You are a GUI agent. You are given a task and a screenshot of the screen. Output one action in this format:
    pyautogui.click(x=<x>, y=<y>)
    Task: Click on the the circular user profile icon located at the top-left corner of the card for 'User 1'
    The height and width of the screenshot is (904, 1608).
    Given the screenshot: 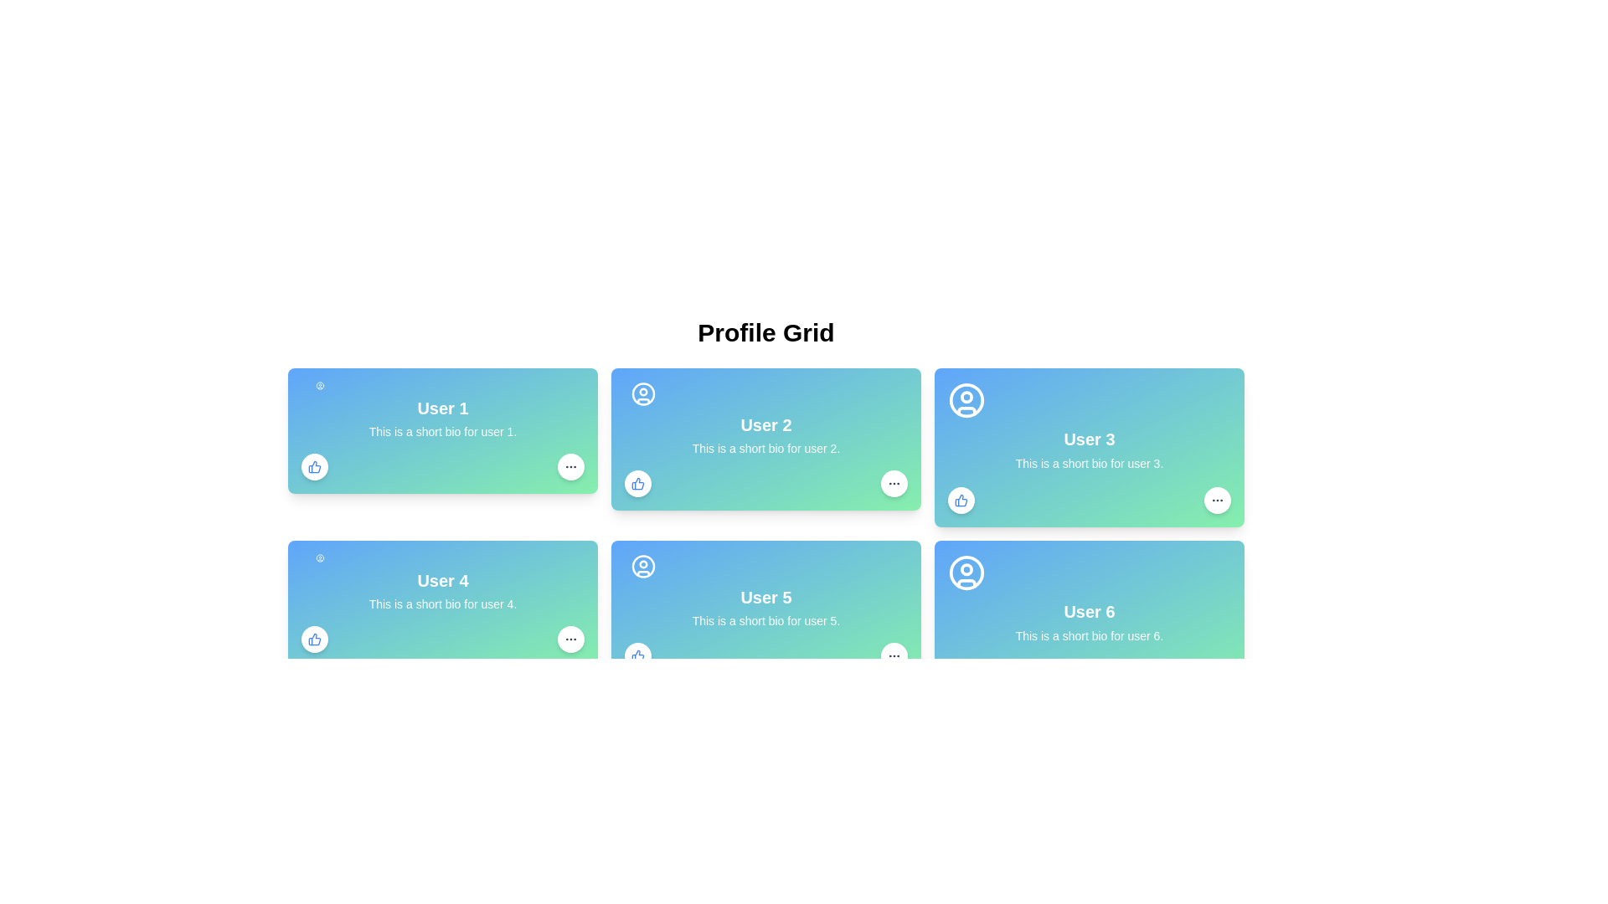 What is the action you would take?
    pyautogui.click(x=320, y=386)
    